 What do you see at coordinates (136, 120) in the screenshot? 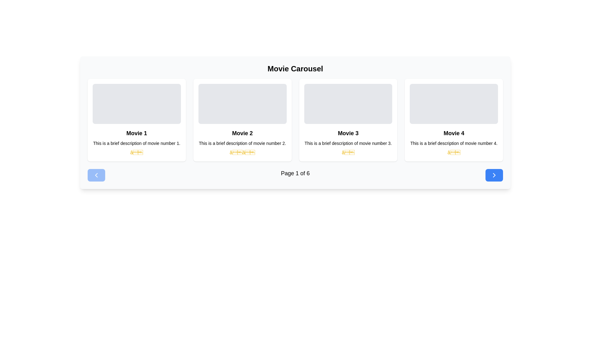
I see `the Informative card component featuring the title 'Movie 1'` at bounding box center [136, 120].